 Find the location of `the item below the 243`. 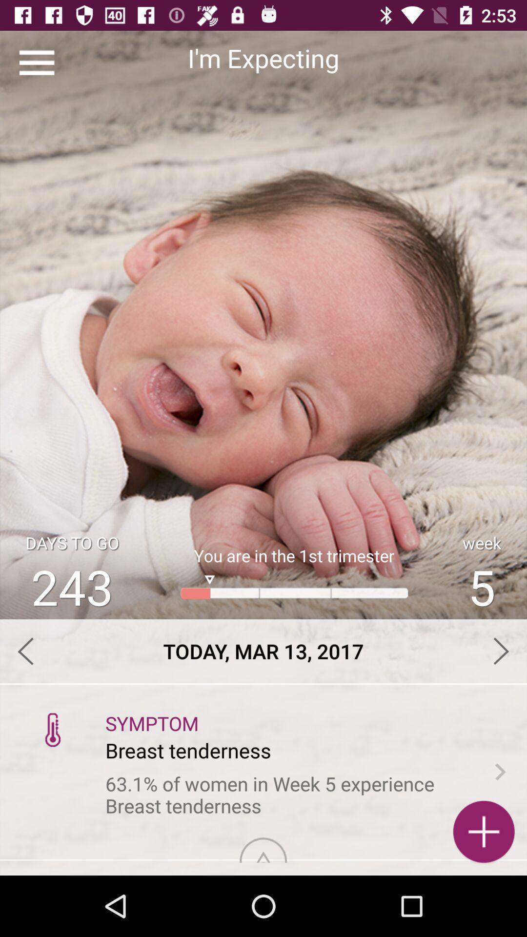

the item below the 243 is located at coordinates (263, 651).